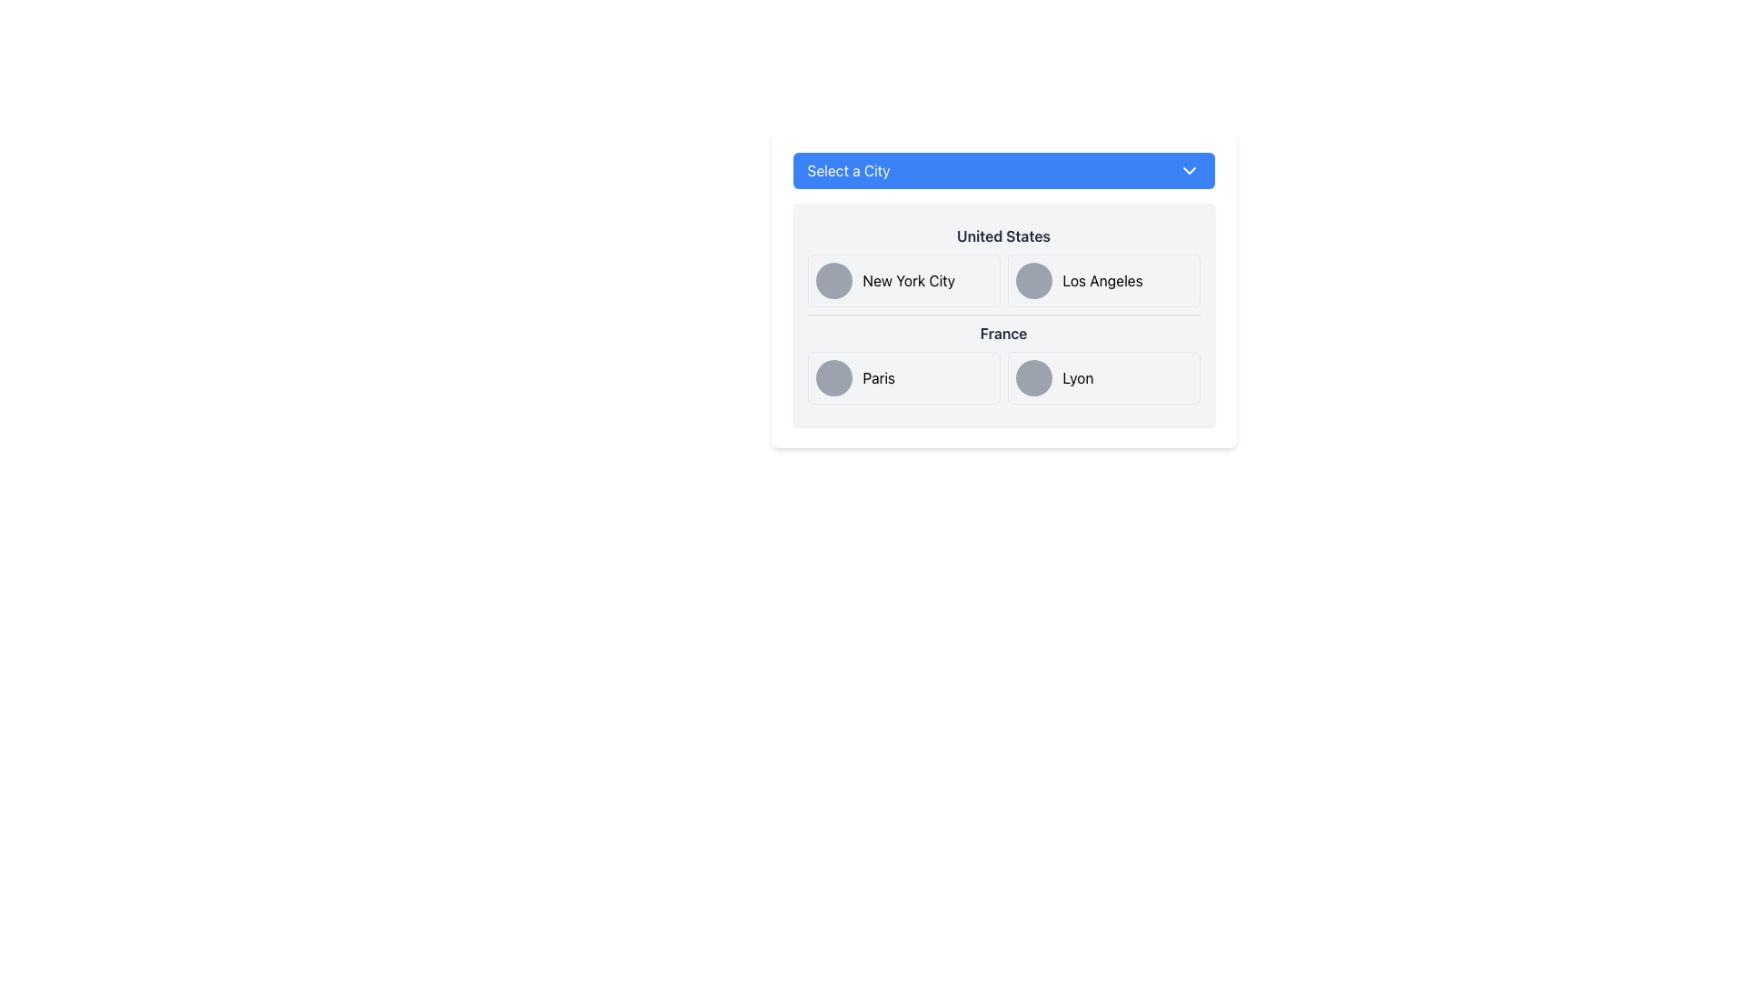  I want to click on the 'Los Angeles' text label, so click(1102, 280).